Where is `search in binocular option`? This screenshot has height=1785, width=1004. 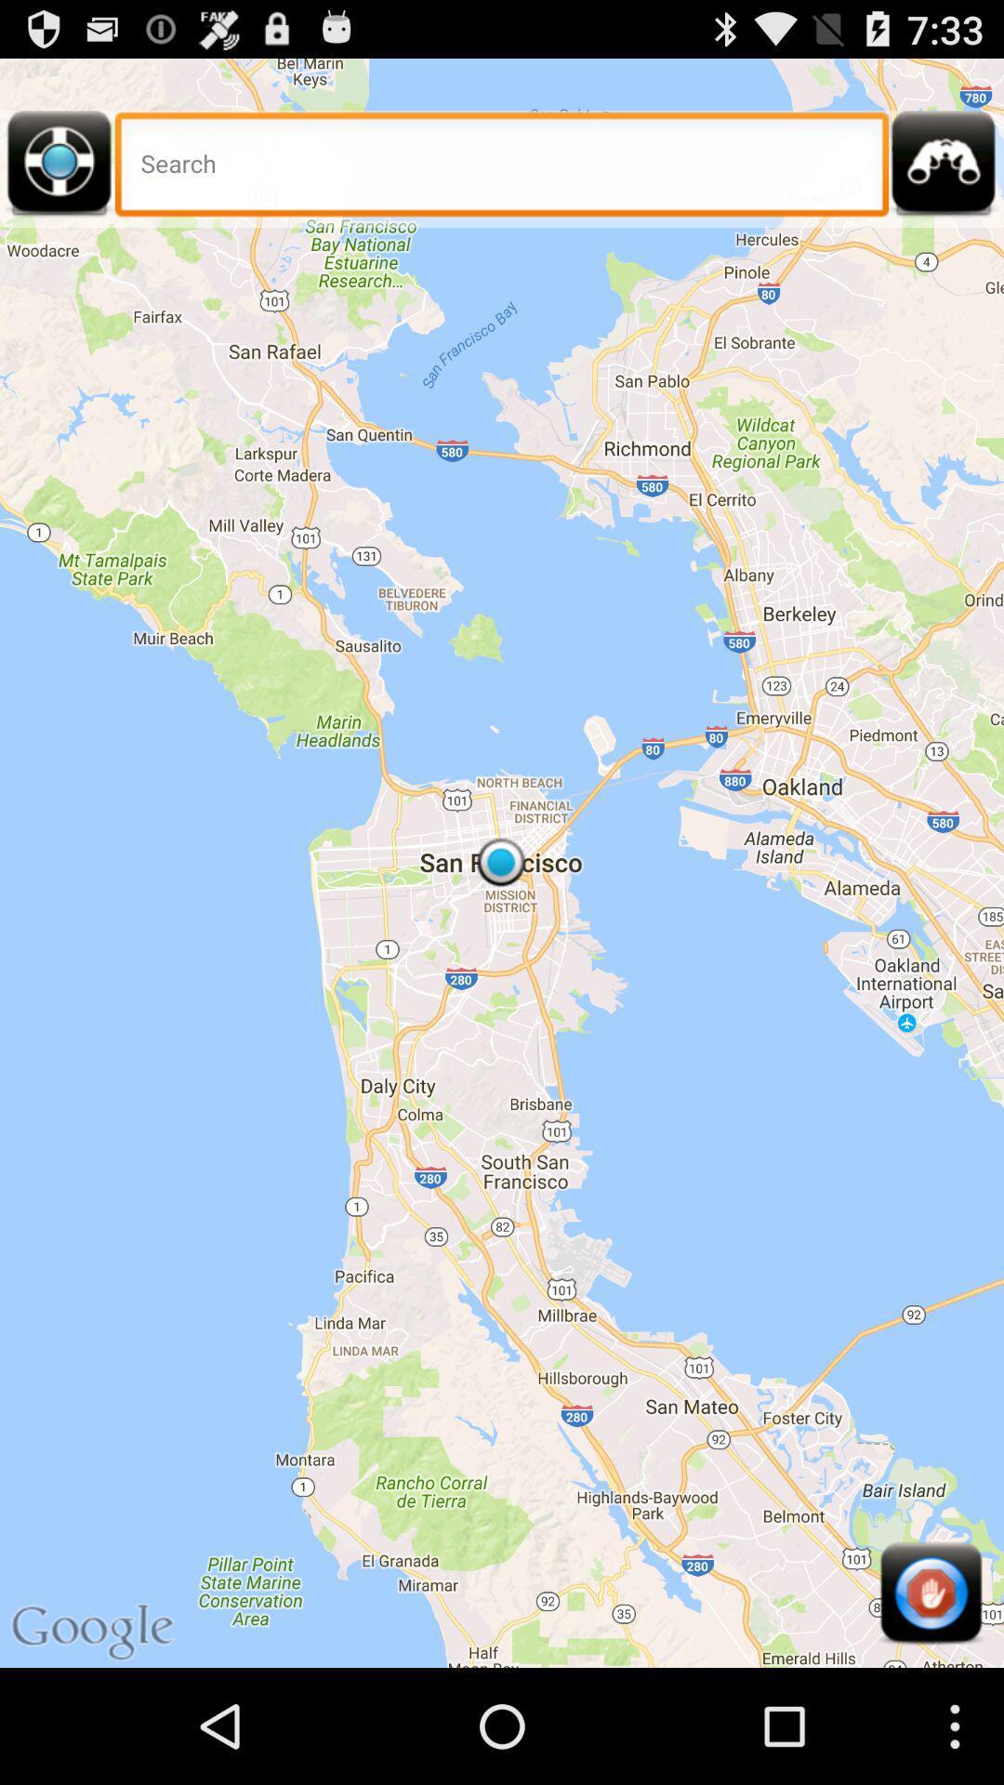
search in binocular option is located at coordinates (944, 169).